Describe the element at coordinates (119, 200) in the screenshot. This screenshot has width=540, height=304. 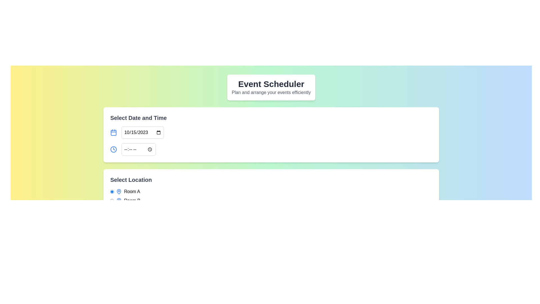
I see `the pin icon that indicates the map location for 'Room B', which is located in the 'Select Location' panel immediately after the radio button and before the text 'Room B'` at that location.